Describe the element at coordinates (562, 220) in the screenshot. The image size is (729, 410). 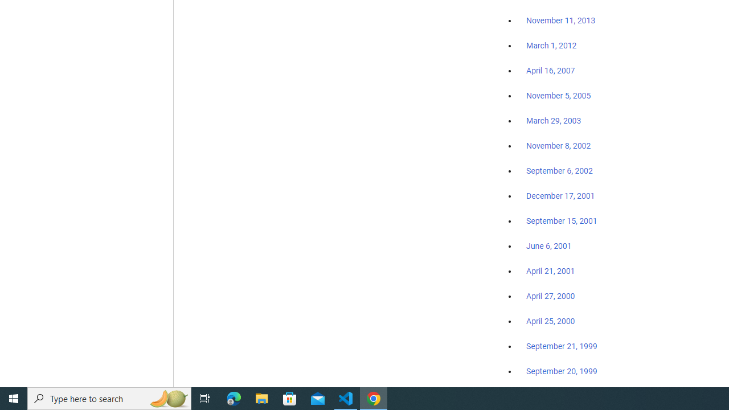
I see `'September 15, 2001'` at that location.